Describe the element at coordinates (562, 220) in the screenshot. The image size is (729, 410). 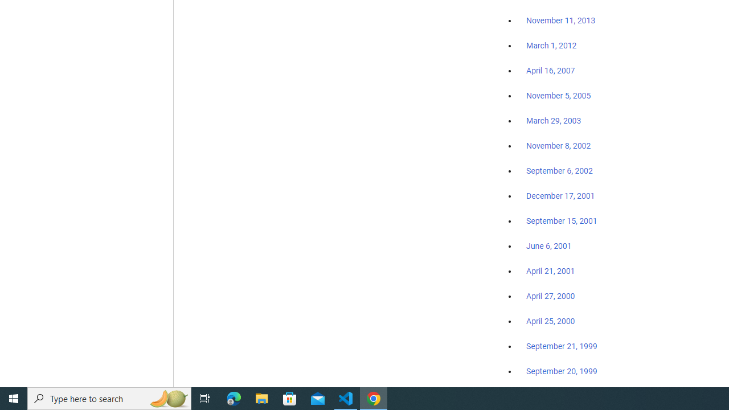
I see `'September 15, 2001'` at that location.